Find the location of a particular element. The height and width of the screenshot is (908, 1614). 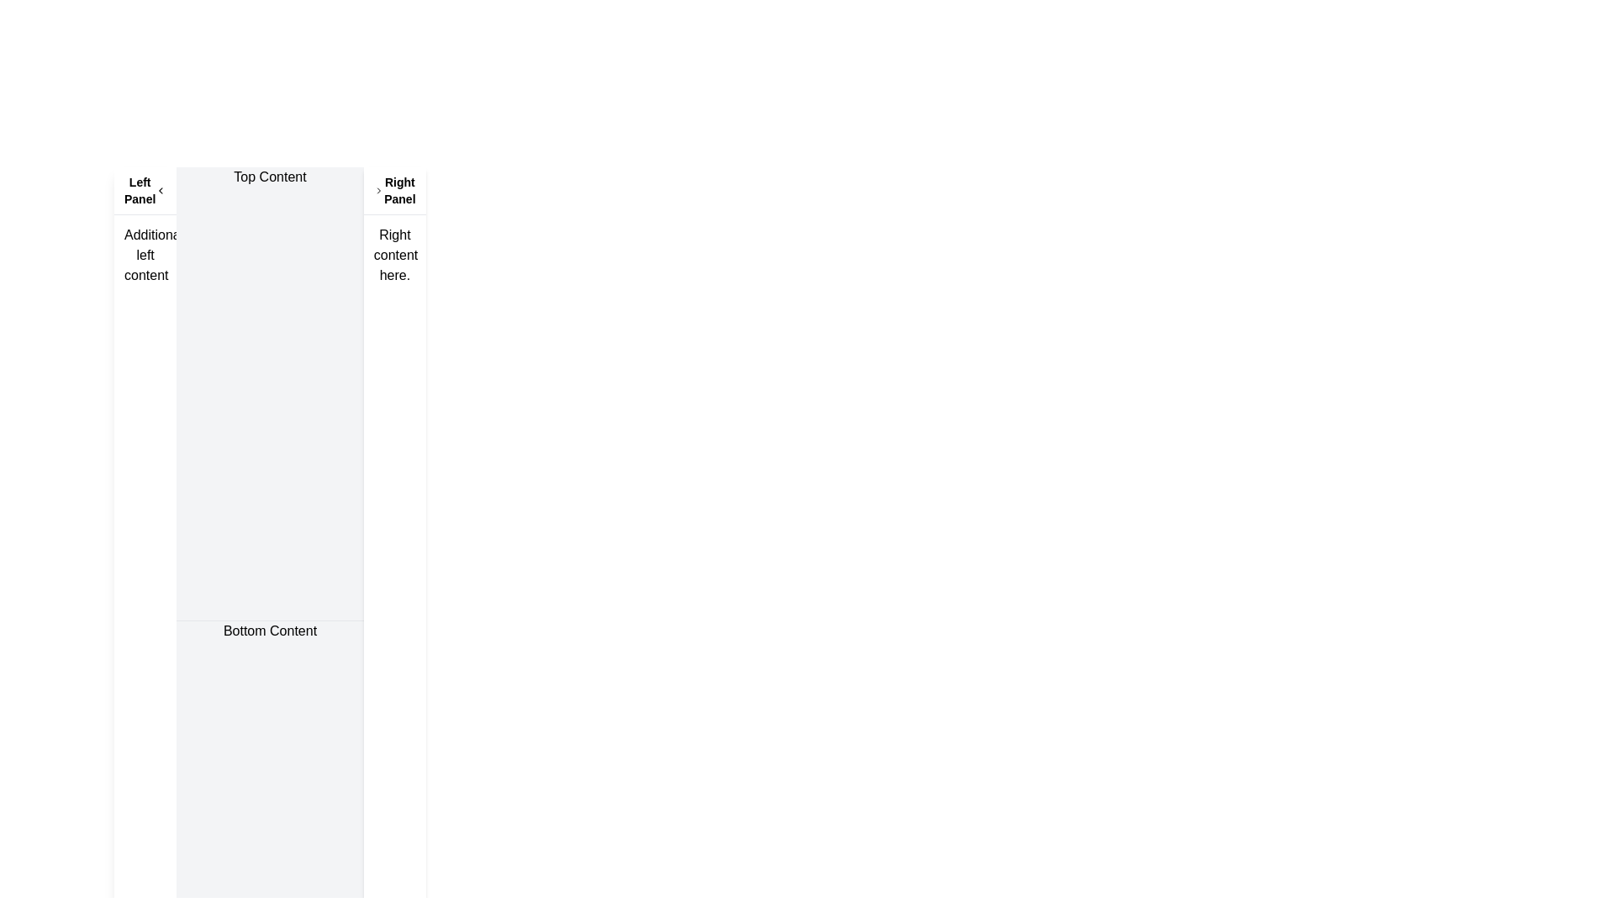

the right-facing chevron icon located in the top bar next to the text 'Right Panel' is located at coordinates (377, 190).